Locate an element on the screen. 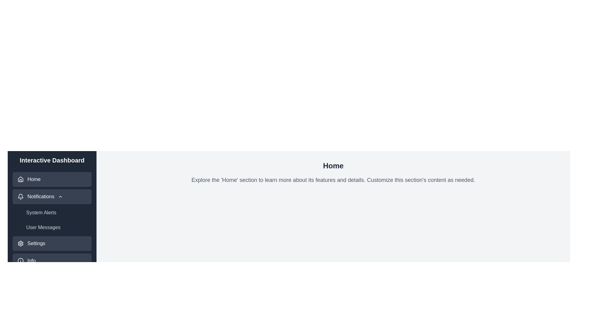 This screenshot has height=333, width=592. the gear-like settings icon located is located at coordinates (21, 243).